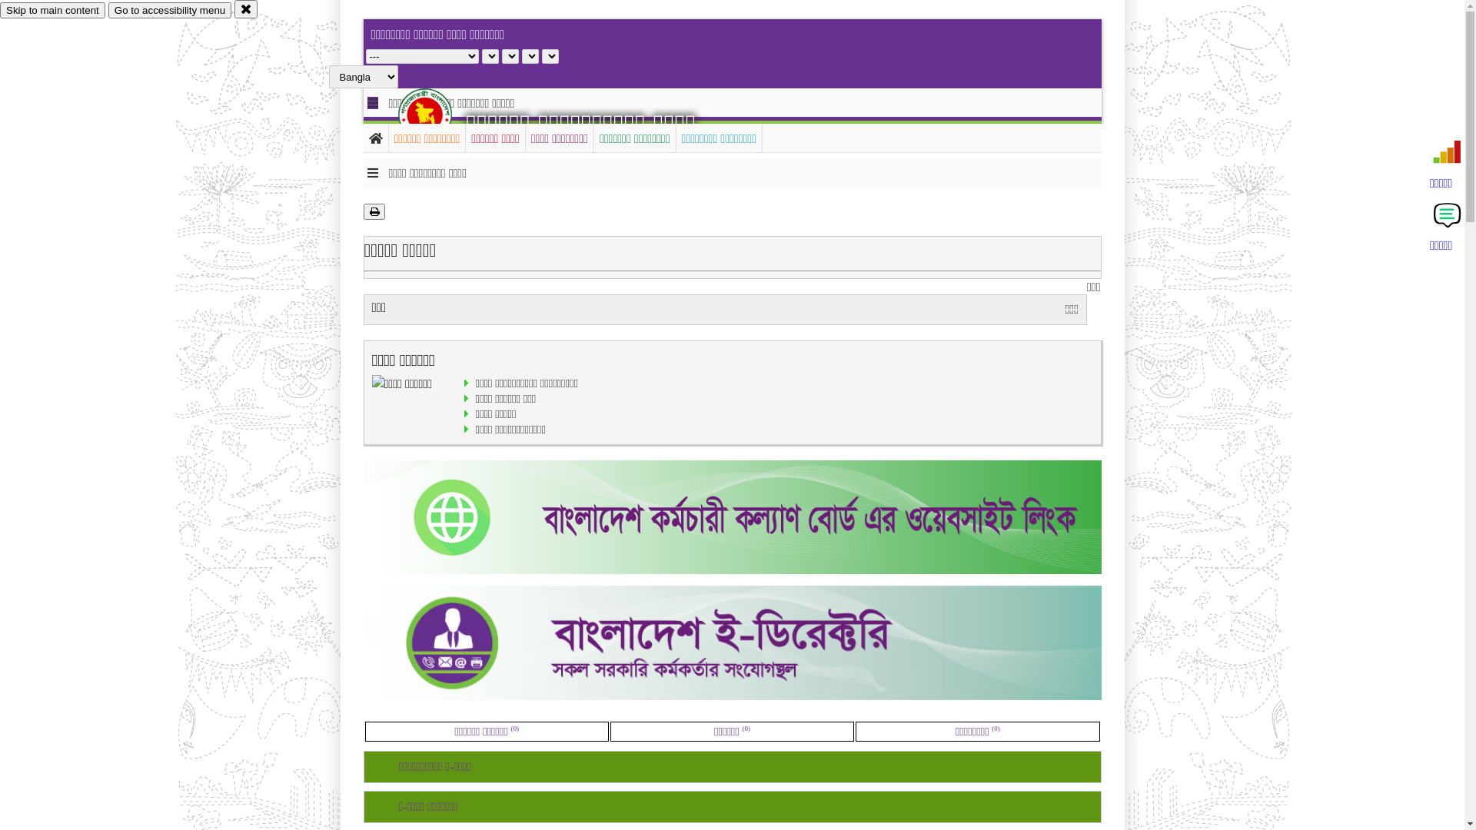 The height and width of the screenshot is (830, 1476). Describe the element at coordinates (0, 10) in the screenshot. I see `'Skip to main content'` at that location.